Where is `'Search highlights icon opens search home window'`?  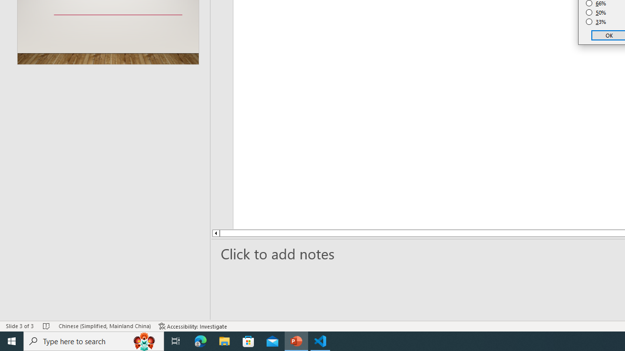 'Search highlights icon opens search home window' is located at coordinates (144, 340).